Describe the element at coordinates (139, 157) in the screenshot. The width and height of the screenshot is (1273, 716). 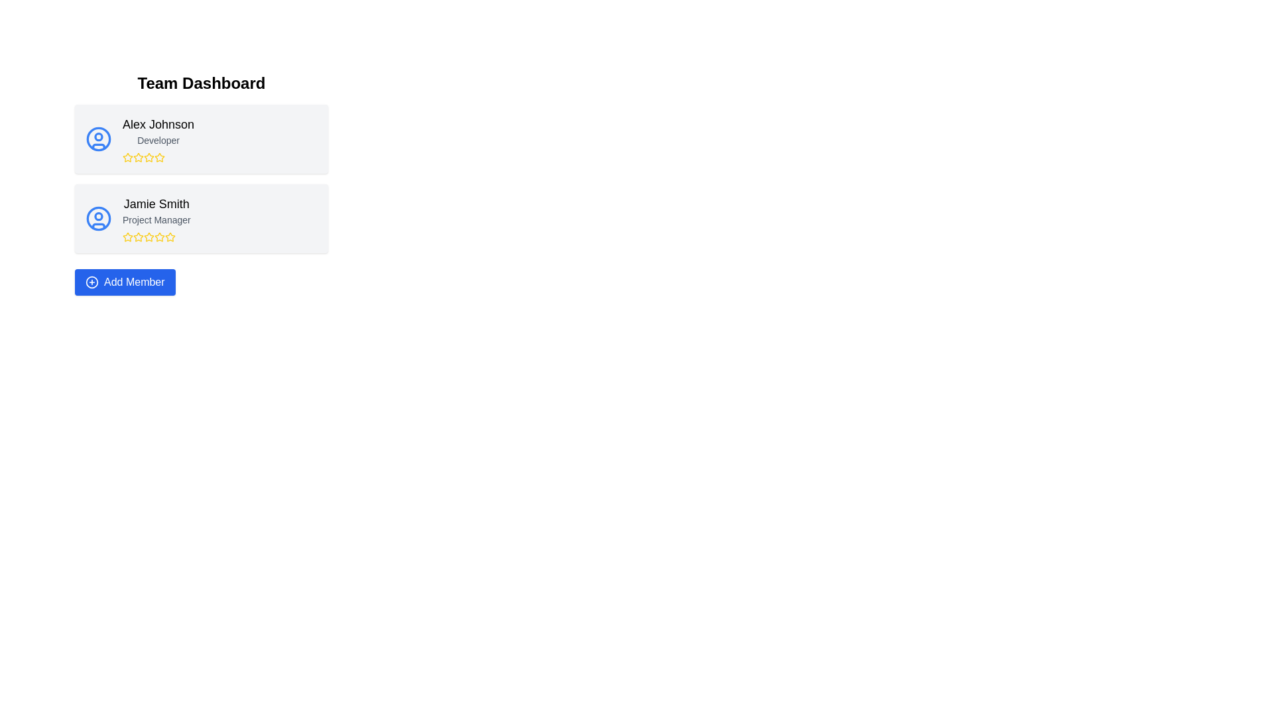
I see `the third yellow outlined star icon in the rating system under 'Alex Johnson' and 'Developer' in the 'Team Dashboard' section` at that location.